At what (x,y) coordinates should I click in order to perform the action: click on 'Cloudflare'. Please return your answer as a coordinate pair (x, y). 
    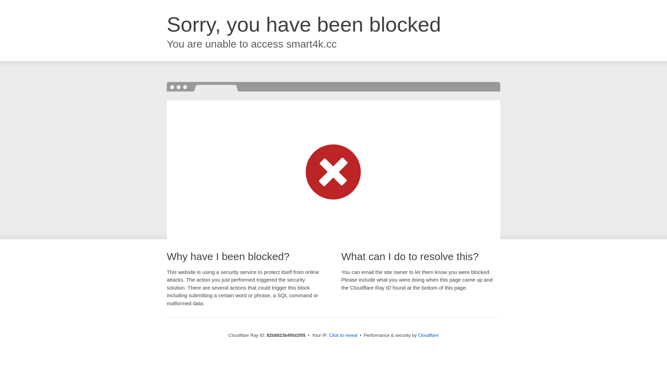
    Looking at the image, I should click on (428, 335).